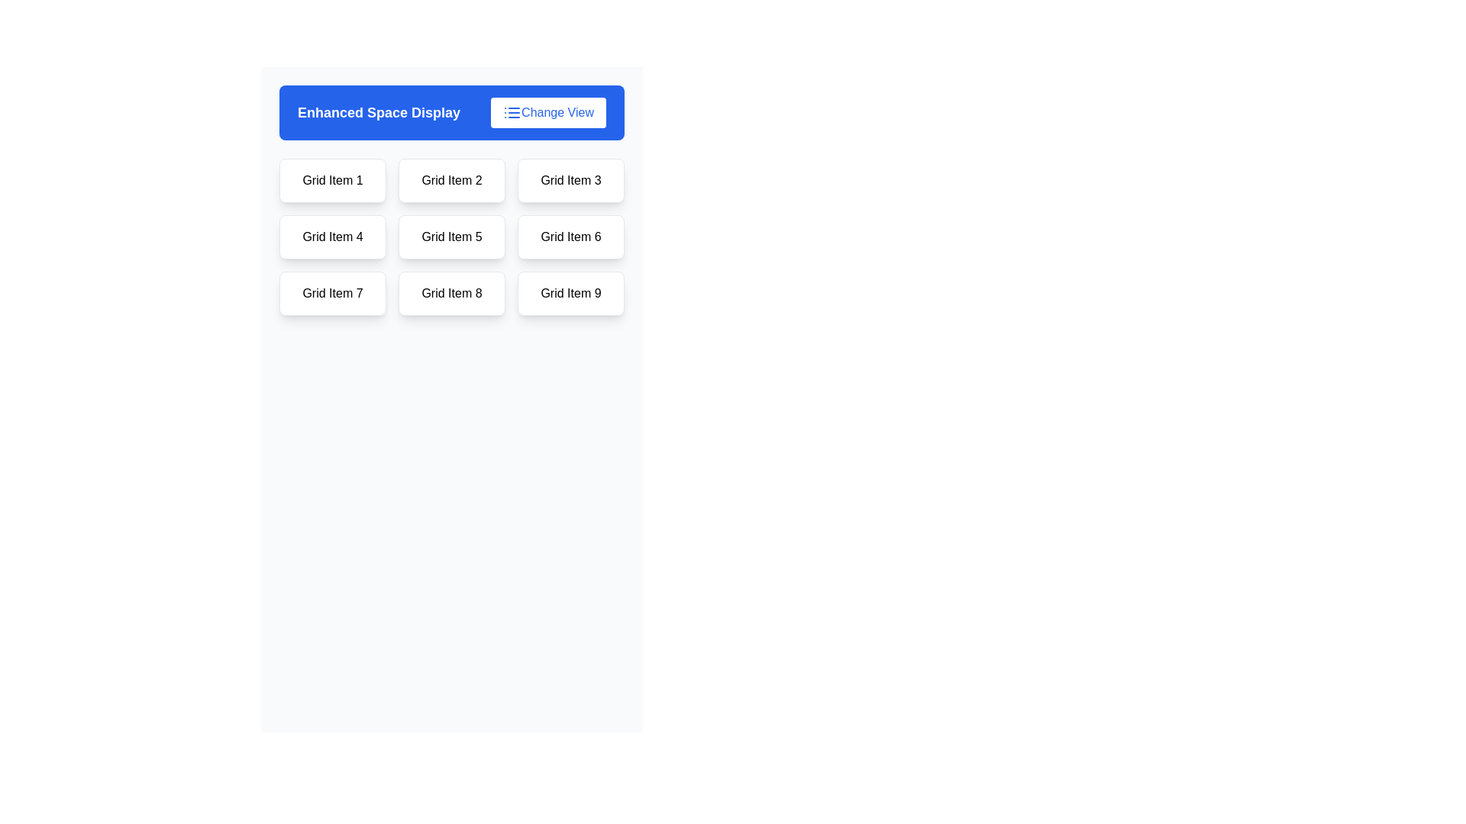 This screenshot has width=1466, height=824. I want to click on the Static card that displays 'Grid Item 7', which is a rectangular tile with a white background and rounded corners located in the third row, first column of the grid layout, so click(332, 294).